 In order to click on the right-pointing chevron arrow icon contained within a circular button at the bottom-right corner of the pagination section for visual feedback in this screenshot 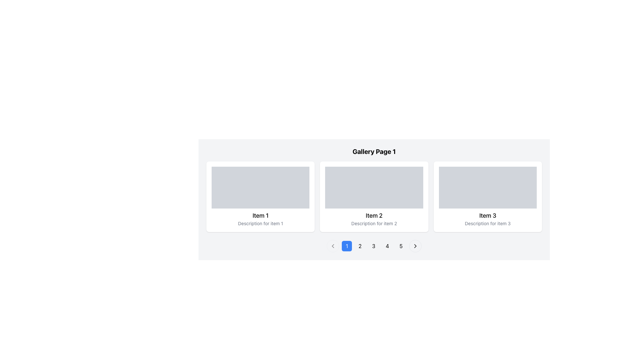, I will do `click(415, 246)`.